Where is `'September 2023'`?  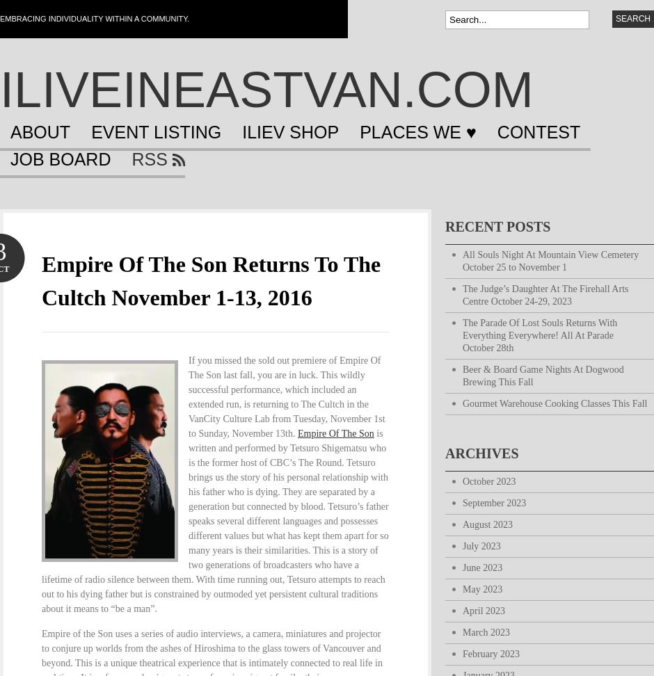
'September 2023' is located at coordinates (494, 502).